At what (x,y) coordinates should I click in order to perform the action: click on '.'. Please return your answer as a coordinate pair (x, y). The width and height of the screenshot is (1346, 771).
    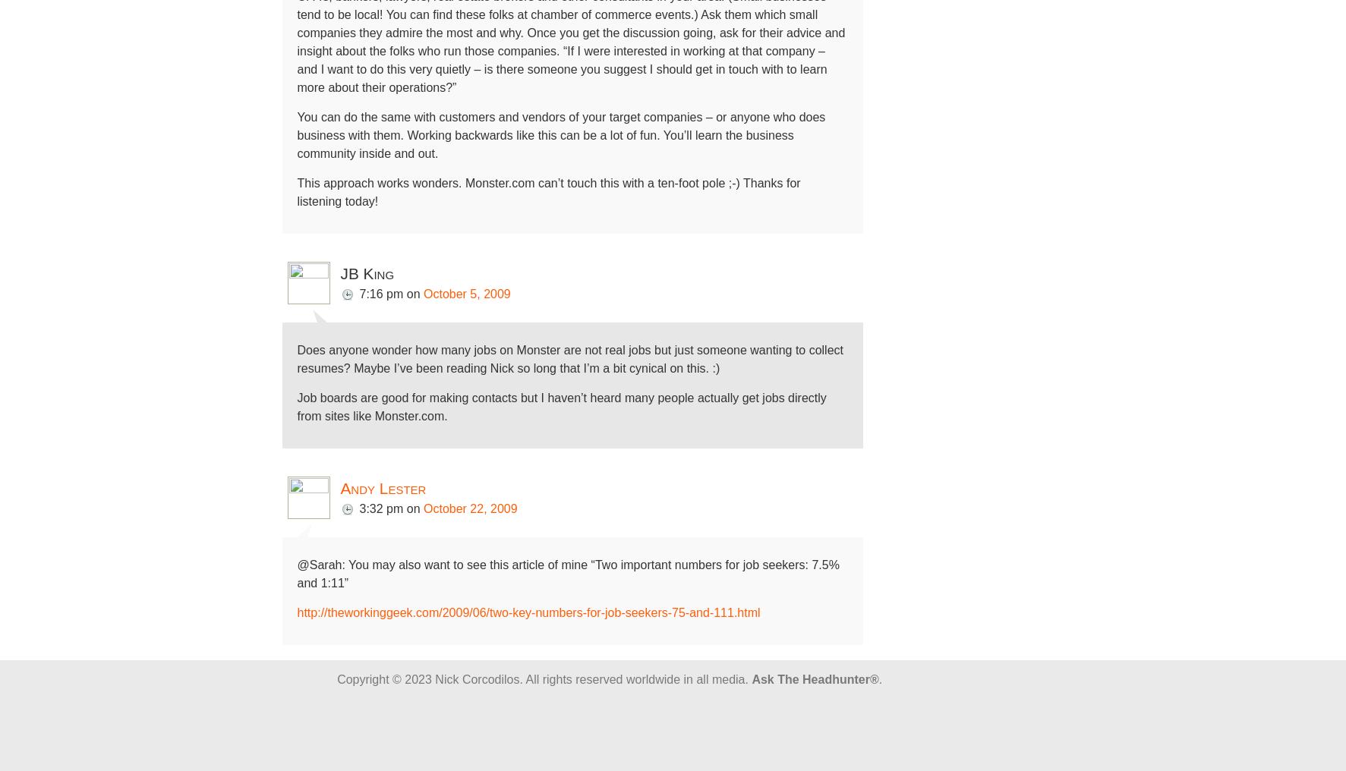
    Looking at the image, I should click on (880, 678).